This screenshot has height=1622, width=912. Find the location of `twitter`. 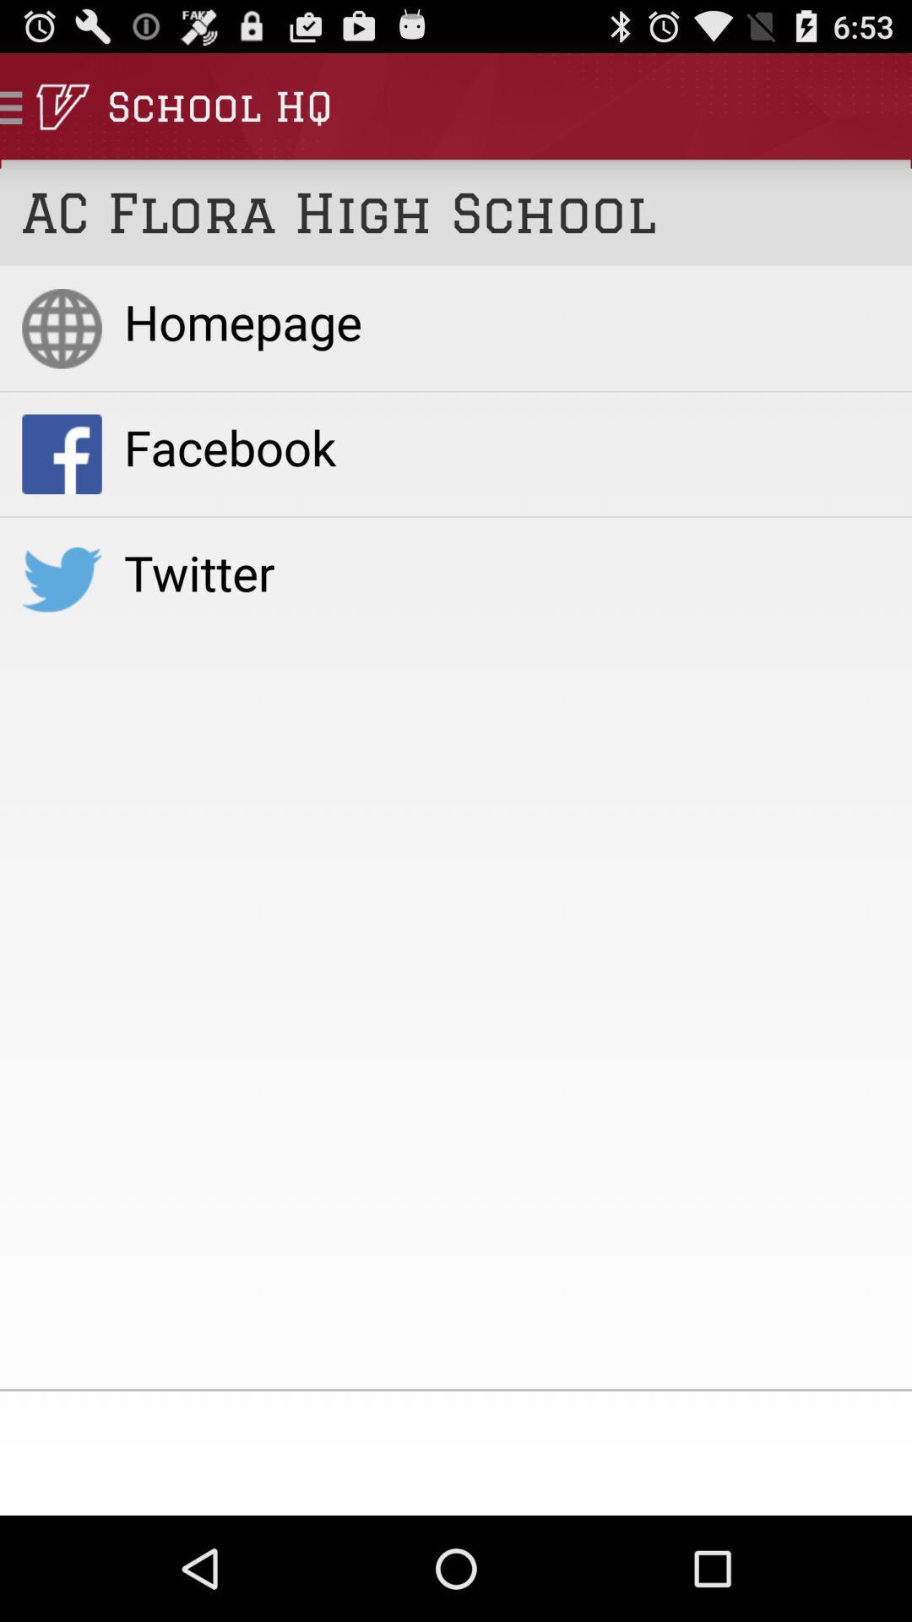

twitter is located at coordinates (506, 572).